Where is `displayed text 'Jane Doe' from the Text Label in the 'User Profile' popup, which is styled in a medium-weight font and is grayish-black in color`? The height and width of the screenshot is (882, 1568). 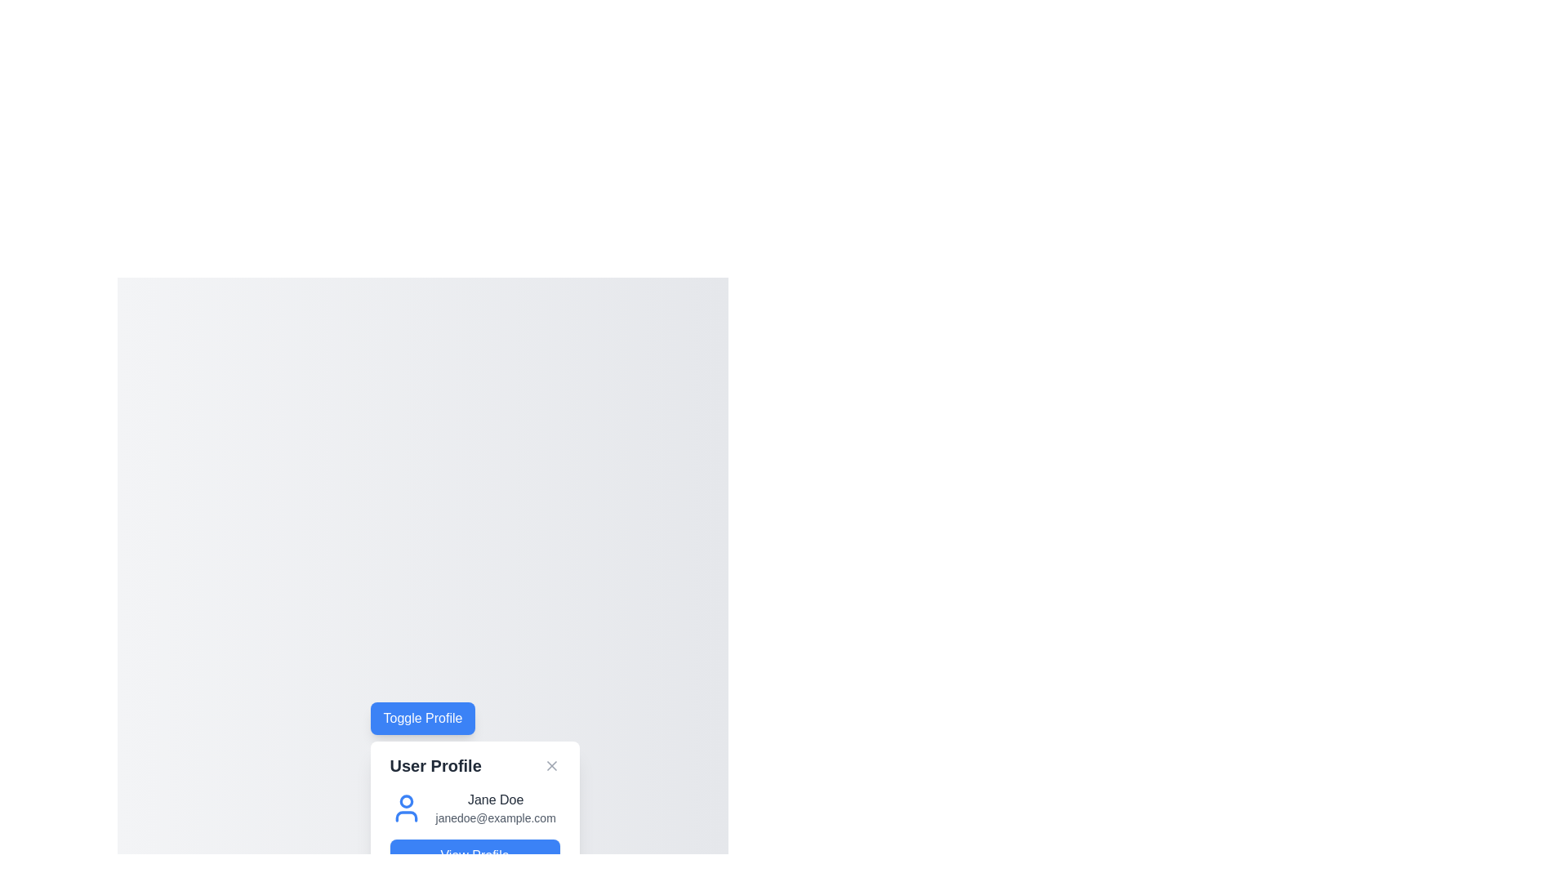
displayed text 'Jane Doe' from the Text Label in the 'User Profile' popup, which is styled in a medium-weight font and is grayish-black in color is located at coordinates (495, 799).